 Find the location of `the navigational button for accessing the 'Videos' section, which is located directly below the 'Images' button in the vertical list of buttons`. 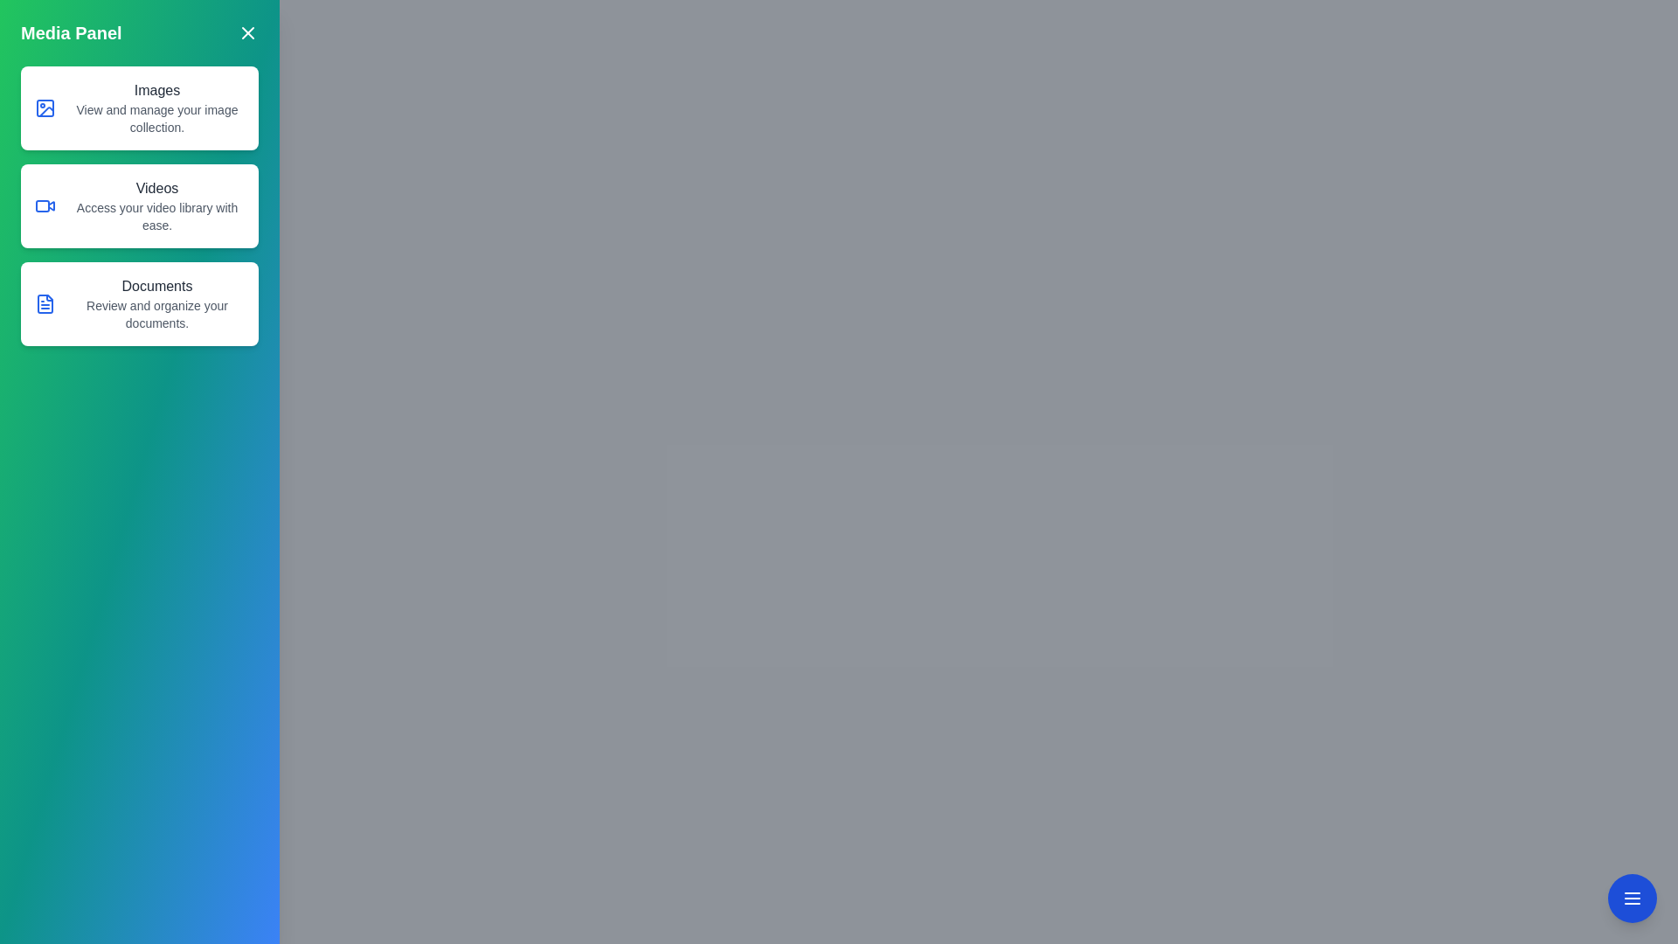

the navigational button for accessing the 'Videos' section, which is located directly below the 'Images' button in the vertical list of buttons is located at coordinates (138, 205).